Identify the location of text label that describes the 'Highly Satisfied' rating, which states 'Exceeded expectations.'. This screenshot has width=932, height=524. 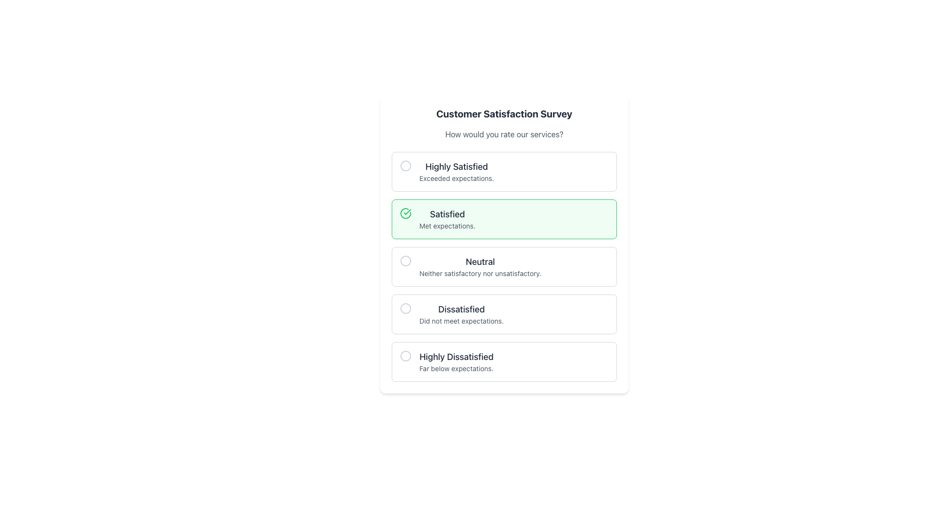
(456, 171).